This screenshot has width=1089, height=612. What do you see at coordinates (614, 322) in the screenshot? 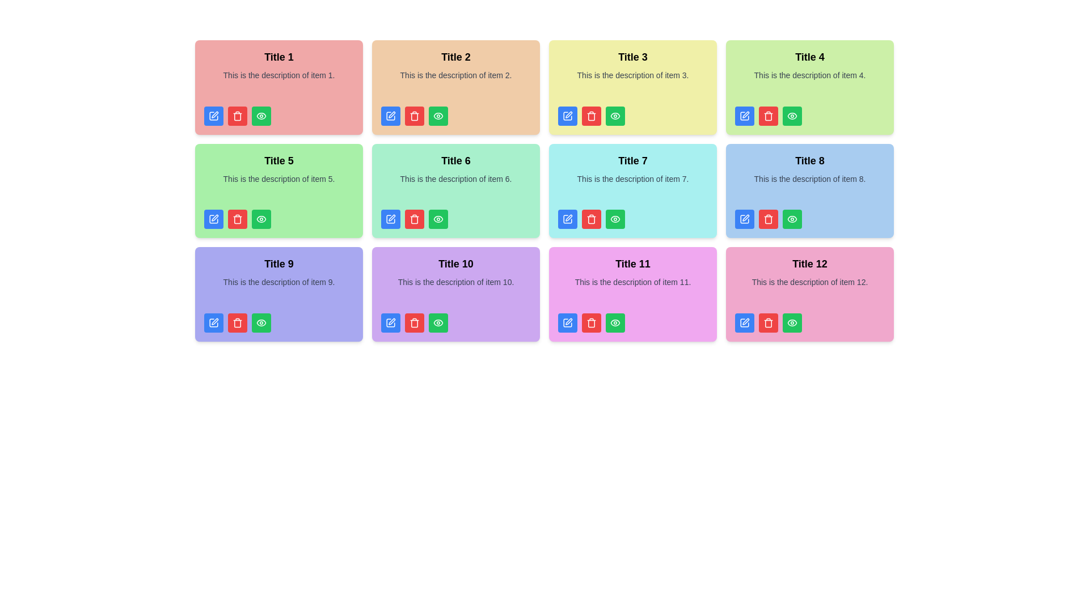
I see `the 'view' button located at the bottom of the card labeled 'Title 11', which is the third button from the left` at bounding box center [614, 322].